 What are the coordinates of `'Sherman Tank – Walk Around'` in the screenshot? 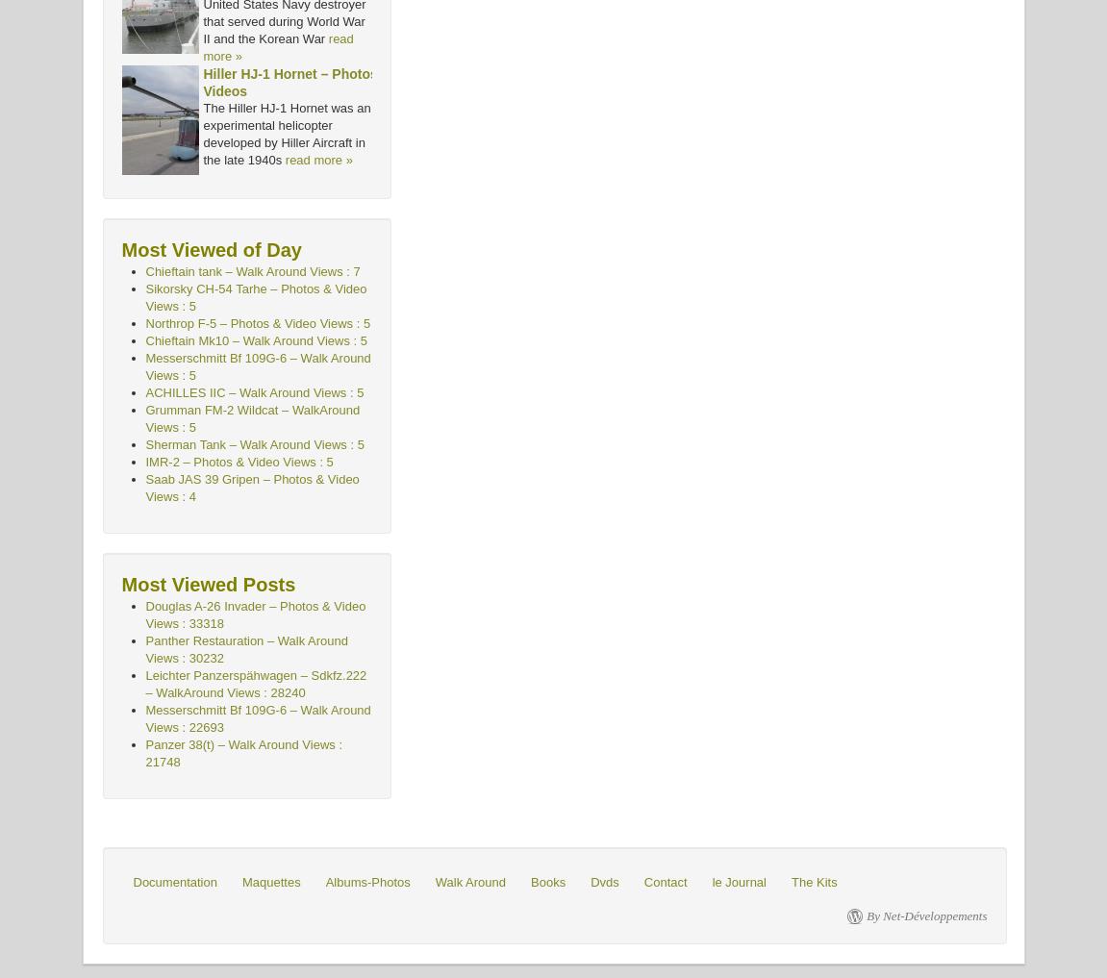 It's located at (227, 443).